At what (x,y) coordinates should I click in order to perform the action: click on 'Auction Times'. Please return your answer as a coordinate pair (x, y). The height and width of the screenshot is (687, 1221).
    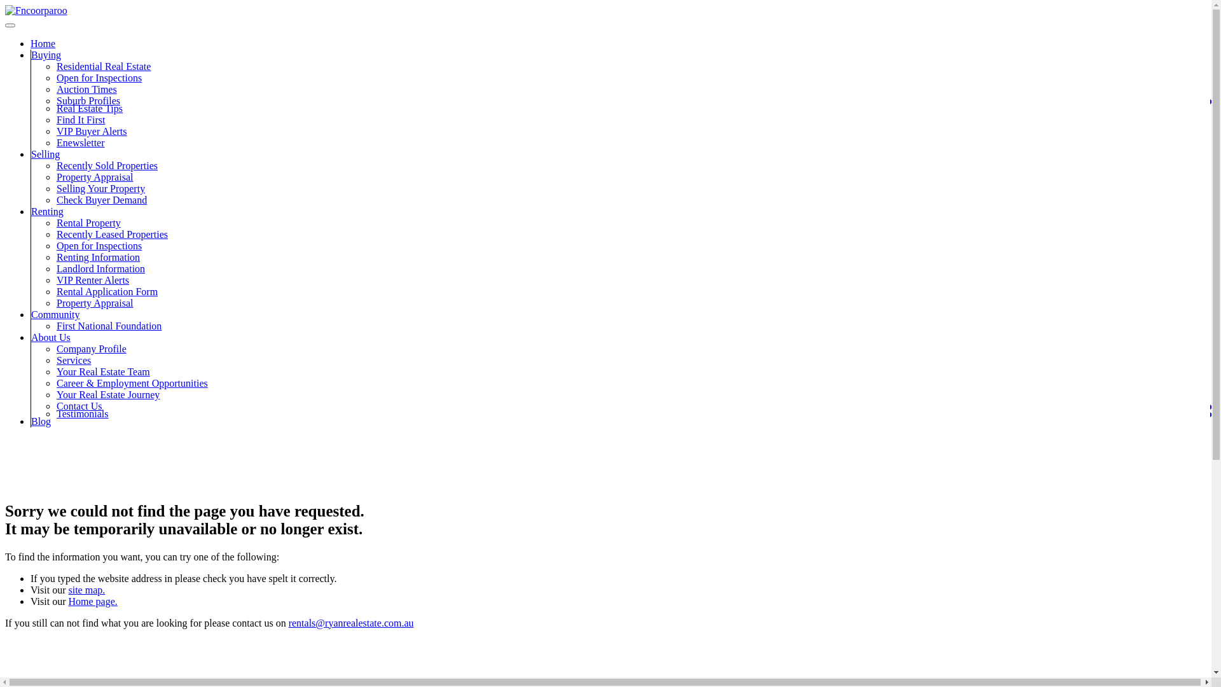
    Looking at the image, I should click on (56, 88).